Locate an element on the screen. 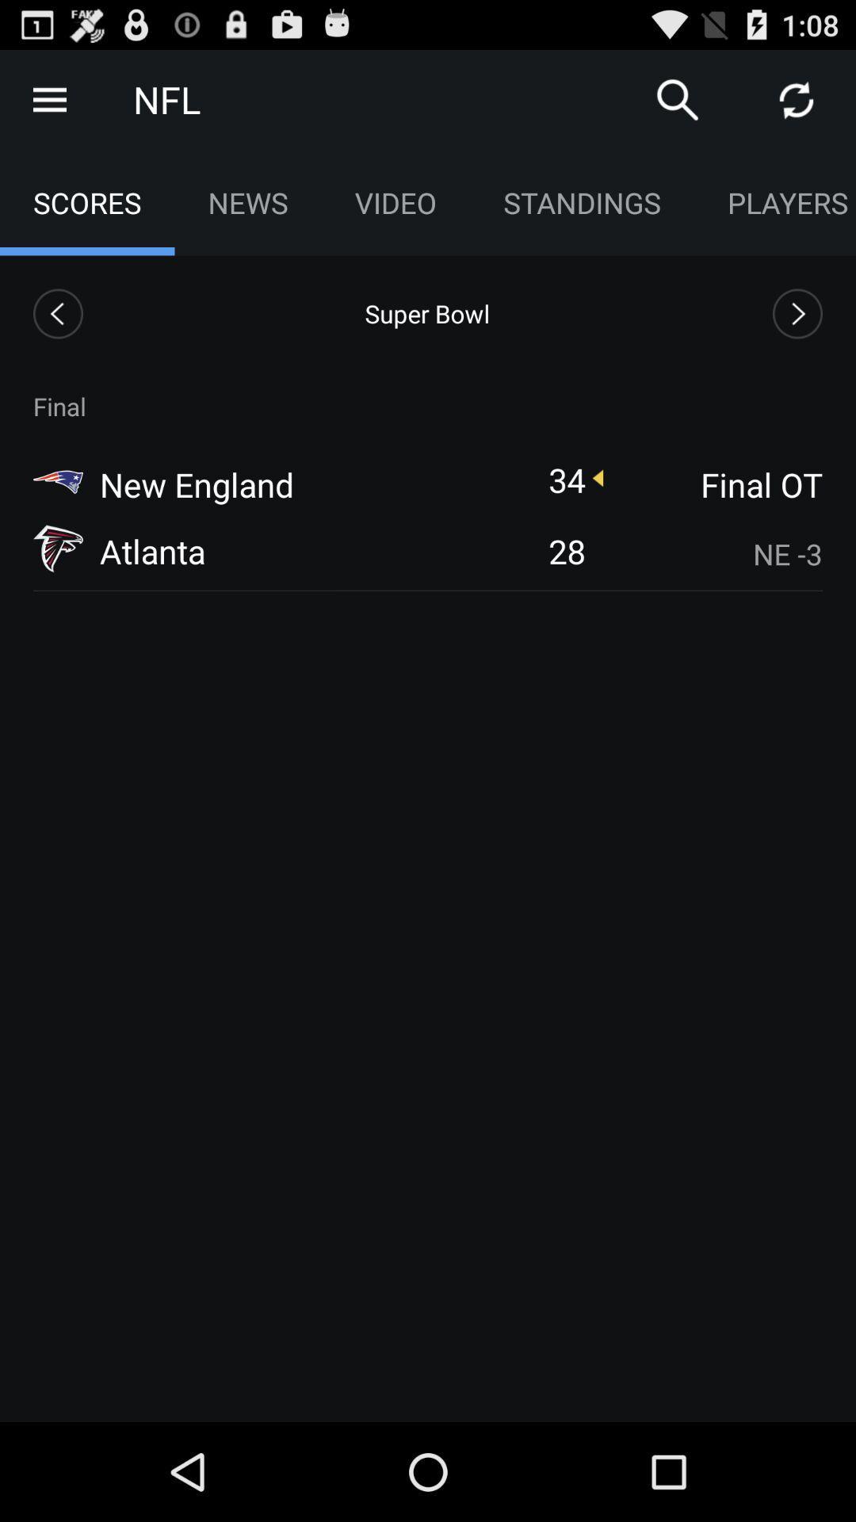 This screenshot has height=1522, width=856. refresh is located at coordinates (797, 98).